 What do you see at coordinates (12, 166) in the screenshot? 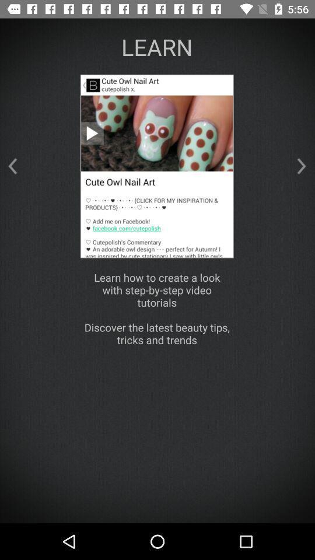
I see `the item at the top left corner` at bounding box center [12, 166].